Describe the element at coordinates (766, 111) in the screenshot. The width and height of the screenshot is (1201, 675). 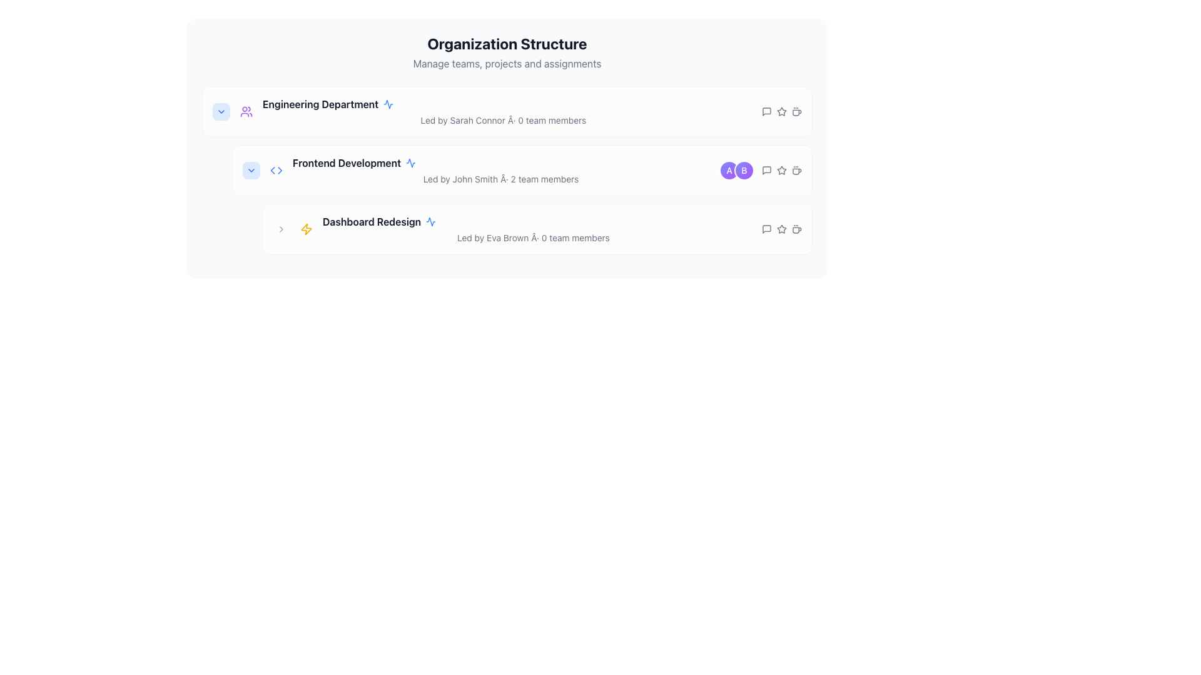
I see `the SVG icon resembling a speech bubble in the 'Engineering Department' section for keyboard interactions` at that location.